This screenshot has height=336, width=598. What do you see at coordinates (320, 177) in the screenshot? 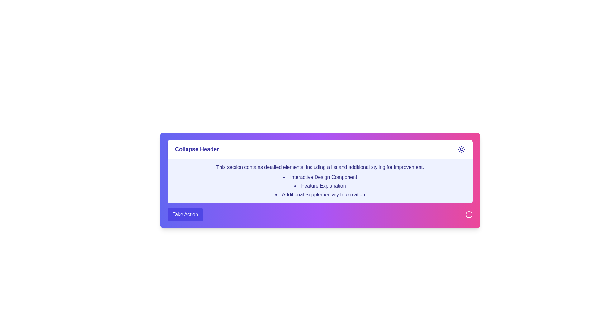
I see `text label that serves as the first bullet point in a vertical list, positioned above 'Feature Explanation' and 'Additional Supplementary Information' within a purple box` at bounding box center [320, 177].